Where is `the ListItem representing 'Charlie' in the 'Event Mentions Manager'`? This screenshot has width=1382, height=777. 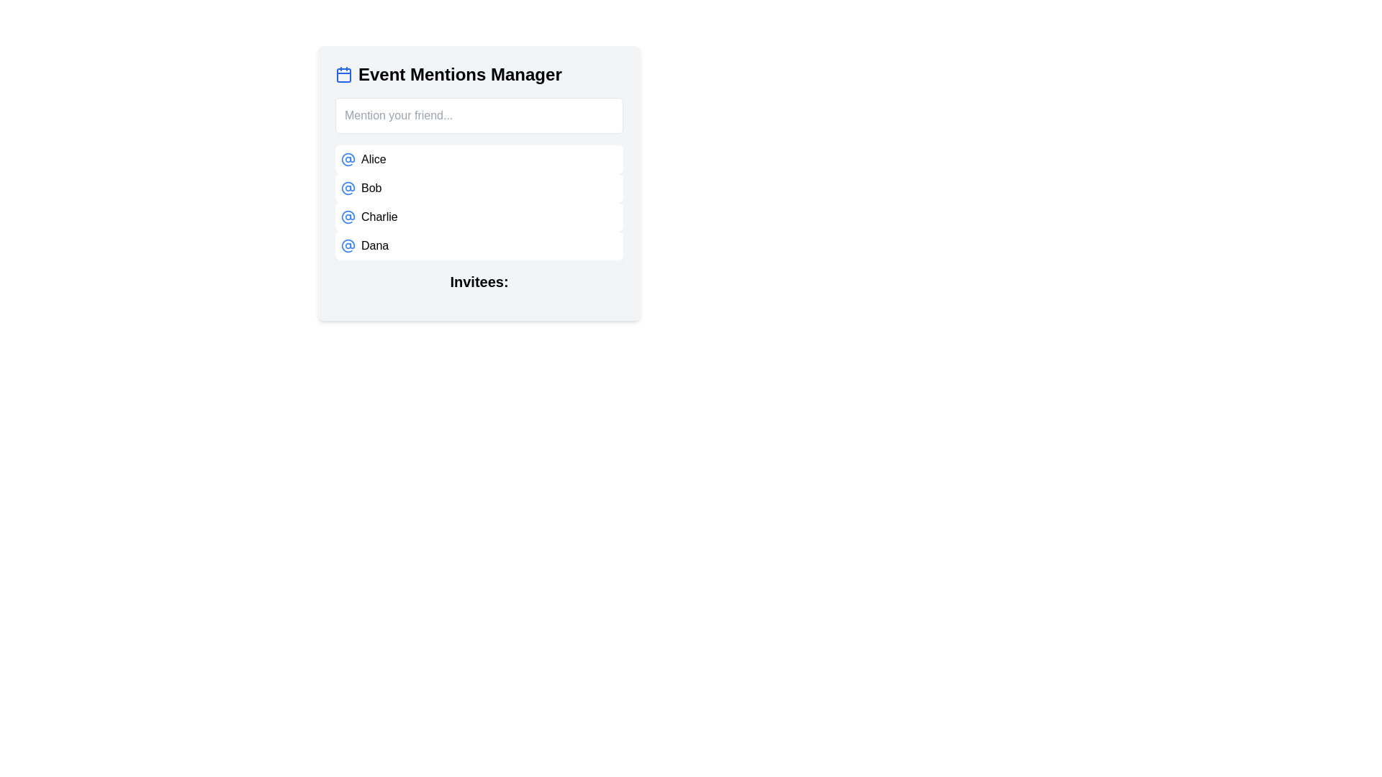
the ListItem representing 'Charlie' in the 'Event Mentions Manager' is located at coordinates (479, 217).